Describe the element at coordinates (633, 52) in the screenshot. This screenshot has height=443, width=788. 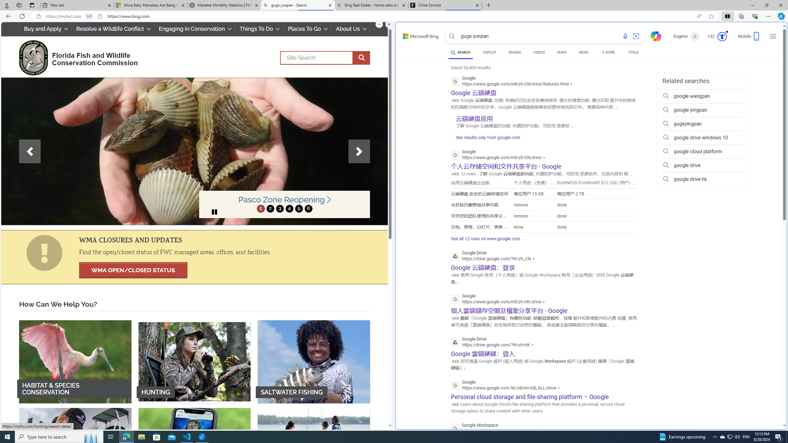
I see `'TOOLS'` at that location.